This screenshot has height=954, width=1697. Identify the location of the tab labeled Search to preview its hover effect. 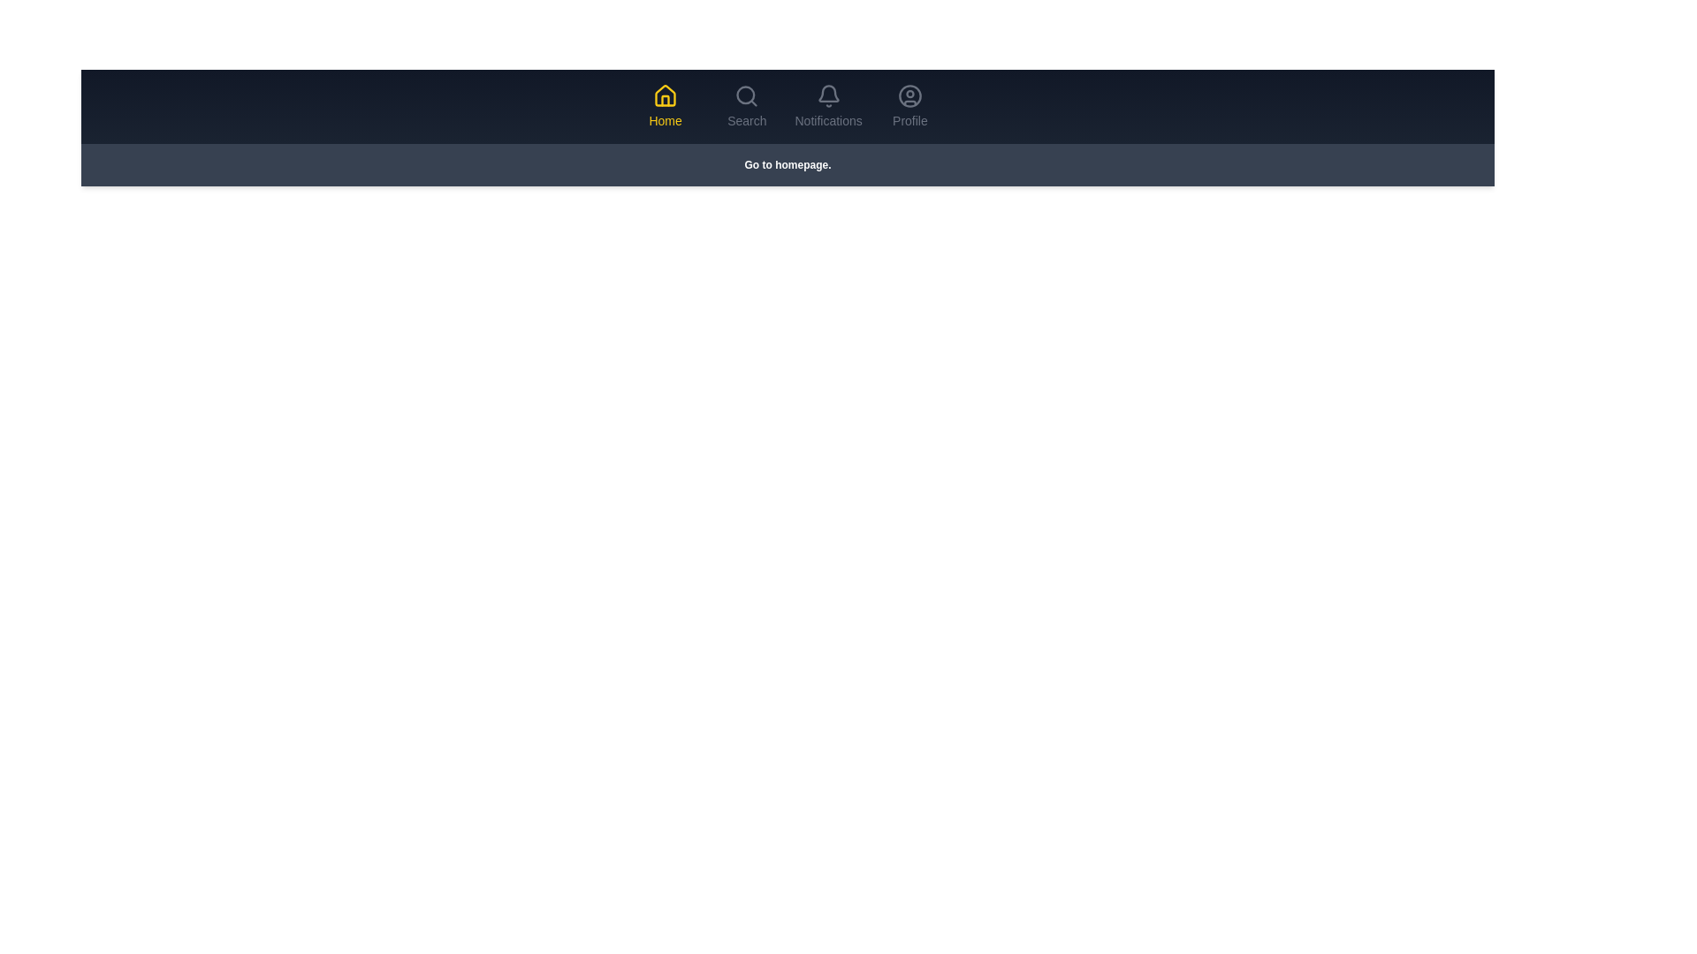
(747, 106).